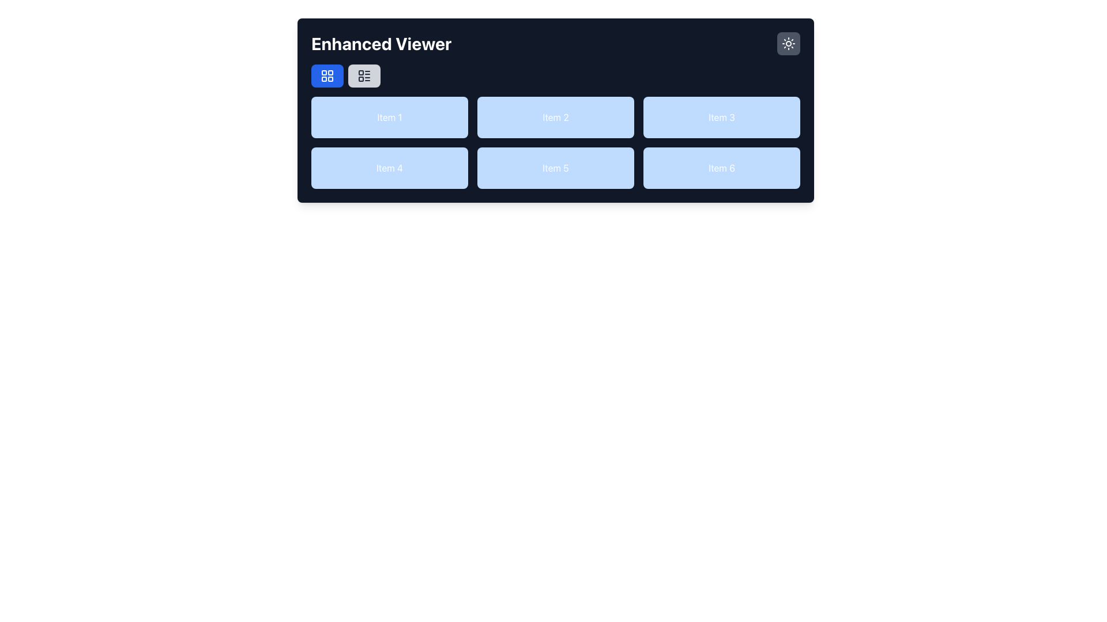 The height and width of the screenshot is (622, 1107). I want to click on the Static Label element with the text 'Item 2', which is positioned in the first row of a grid layout between 'Item 1' and 'Item 3', so click(556, 117).